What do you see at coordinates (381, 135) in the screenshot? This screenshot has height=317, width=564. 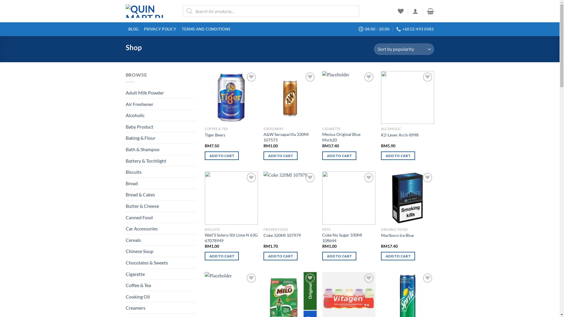 I see `'K2-Lever Arch-8998'` at bounding box center [381, 135].